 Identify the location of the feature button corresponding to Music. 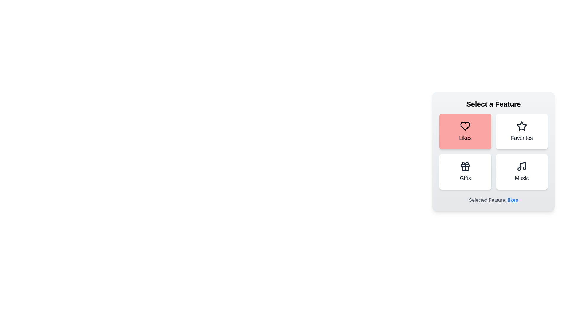
(522, 172).